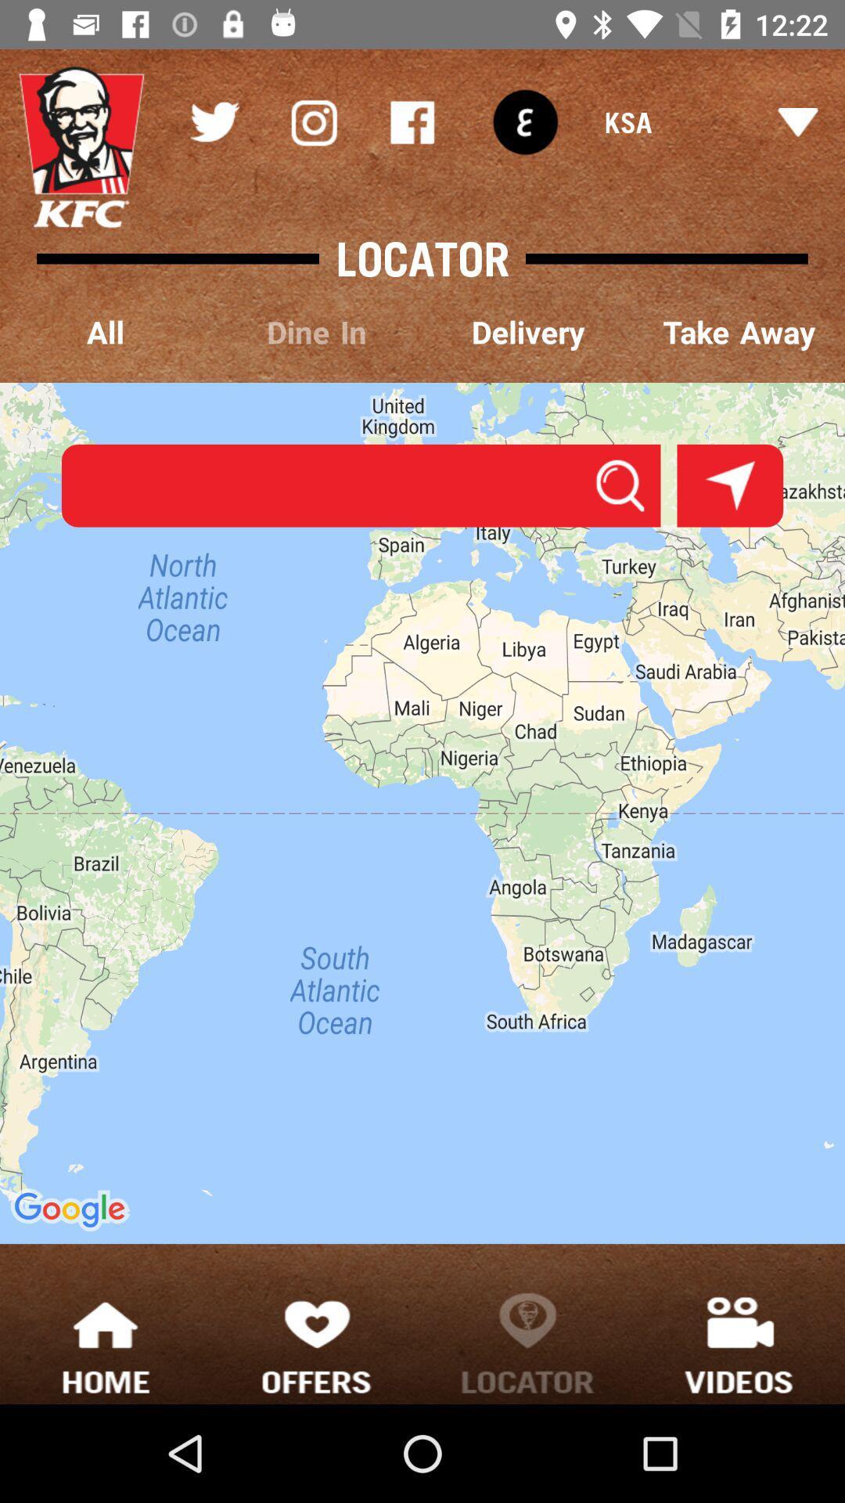 The image size is (845, 1503). Describe the element at coordinates (317, 333) in the screenshot. I see `icon below the locator` at that location.